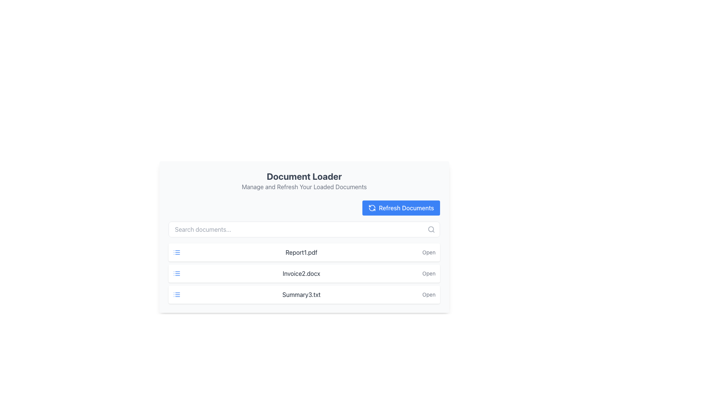 This screenshot has height=407, width=724. I want to click on the text block titled 'Document Loader', which contains a subtitle 'Manage and Refresh Your Loaded Documents', located at the top section of the panel, so click(304, 181).